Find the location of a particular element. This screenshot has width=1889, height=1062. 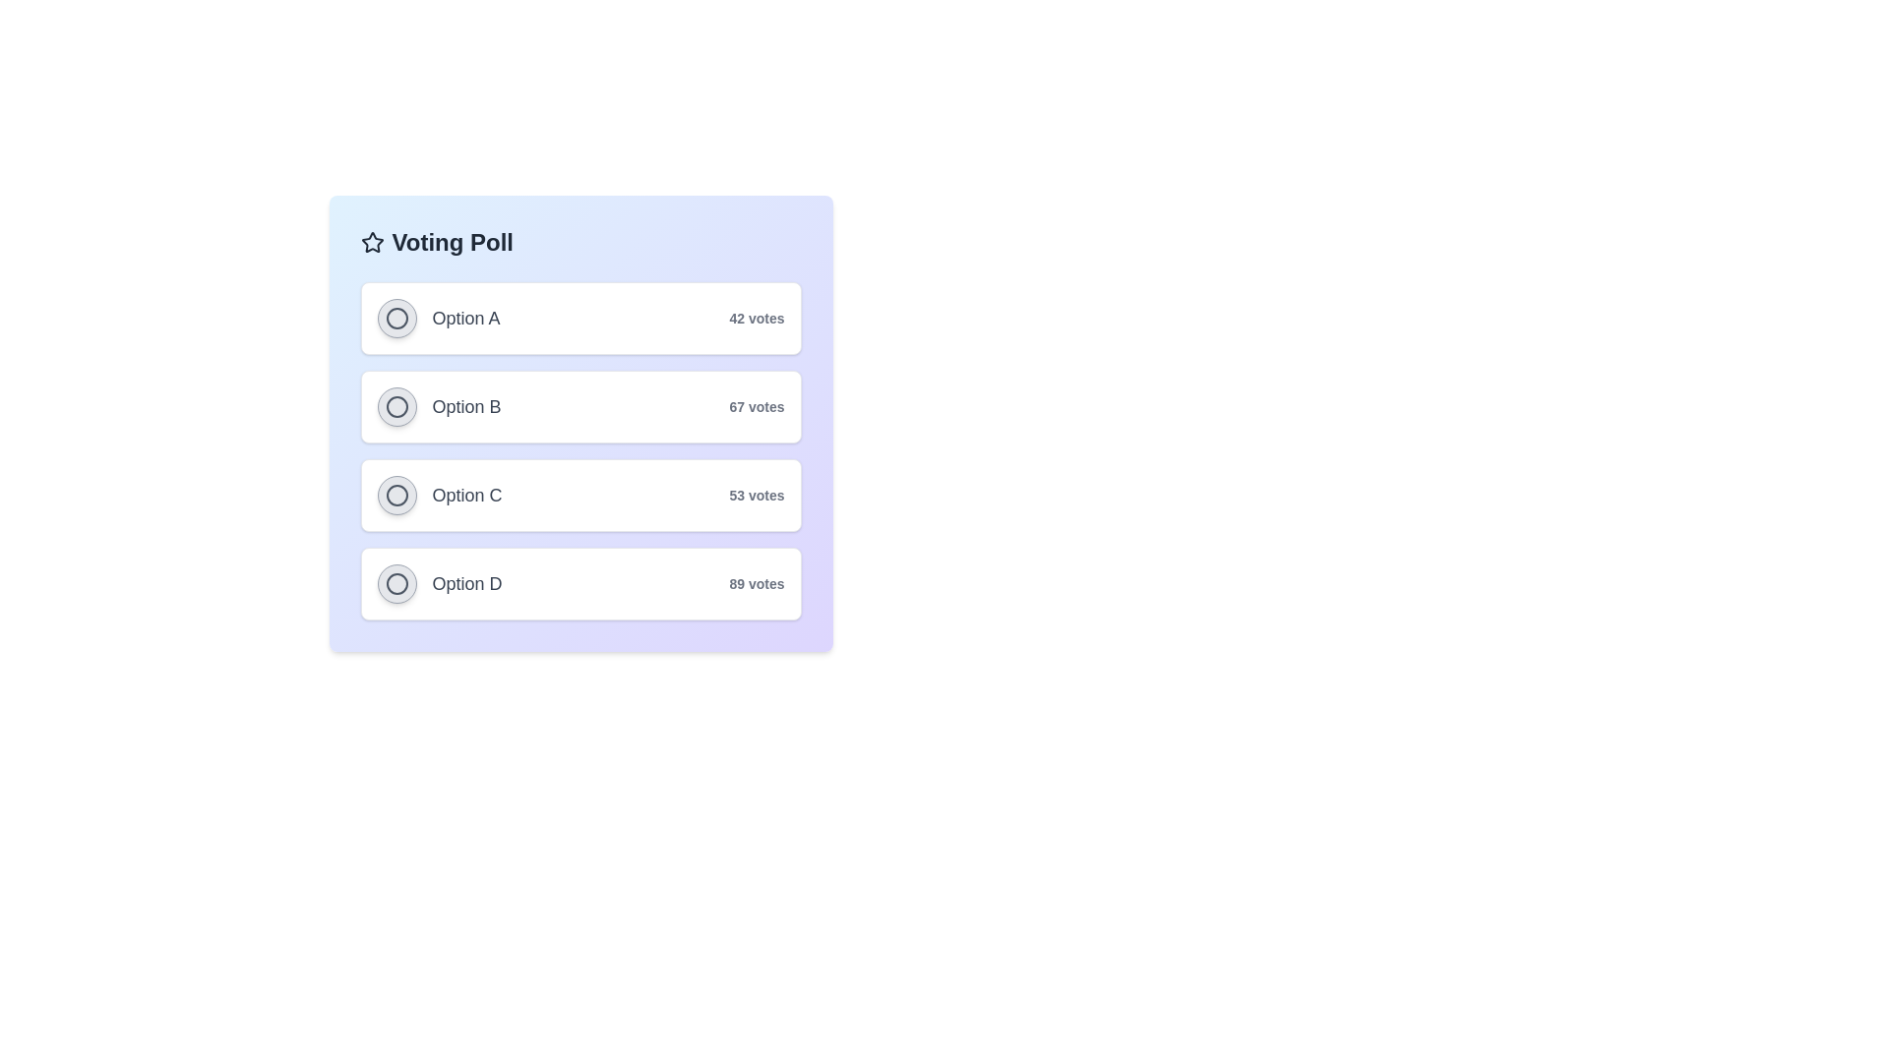

the radio button located to the left of the text 'Option B' in the voting interface is located at coordinates (396, 405).